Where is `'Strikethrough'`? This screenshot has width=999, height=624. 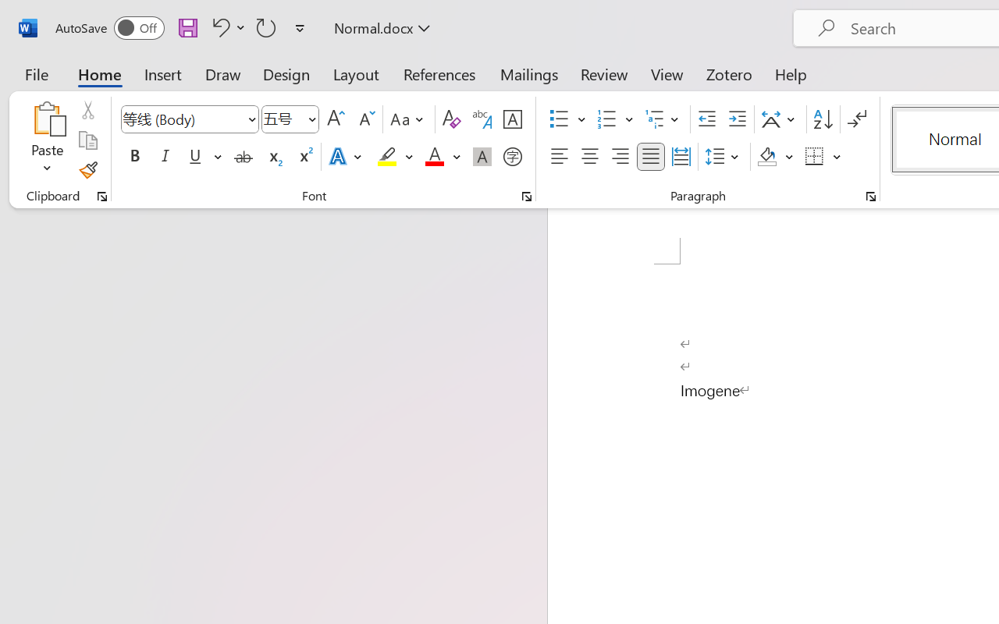 'Strikethrough' is located at coordinates (243, 157).